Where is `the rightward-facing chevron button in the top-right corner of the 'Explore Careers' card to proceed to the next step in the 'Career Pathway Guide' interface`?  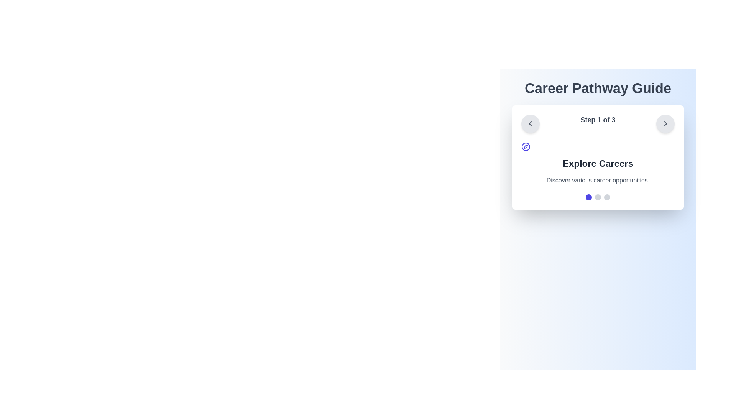 the rightward-facing chevron button in the top-right corner of the 'Explore Careers' card to proceed to the next step in the 'Career Pathway Guide' interface is located at coordinates (664, 123).